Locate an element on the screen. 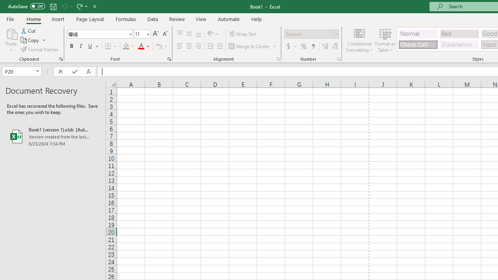 The image size is (498, 280). 'Center' is located at coordinates (189, 46).